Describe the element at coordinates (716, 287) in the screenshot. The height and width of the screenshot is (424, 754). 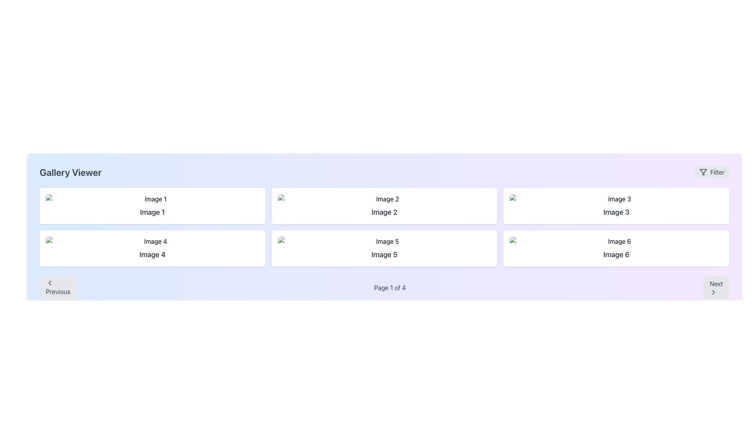
I see `the rightmost button in the section at the bottom of the interface, located after 'Page 1 of 4' and the 'Previous' button` at that location.